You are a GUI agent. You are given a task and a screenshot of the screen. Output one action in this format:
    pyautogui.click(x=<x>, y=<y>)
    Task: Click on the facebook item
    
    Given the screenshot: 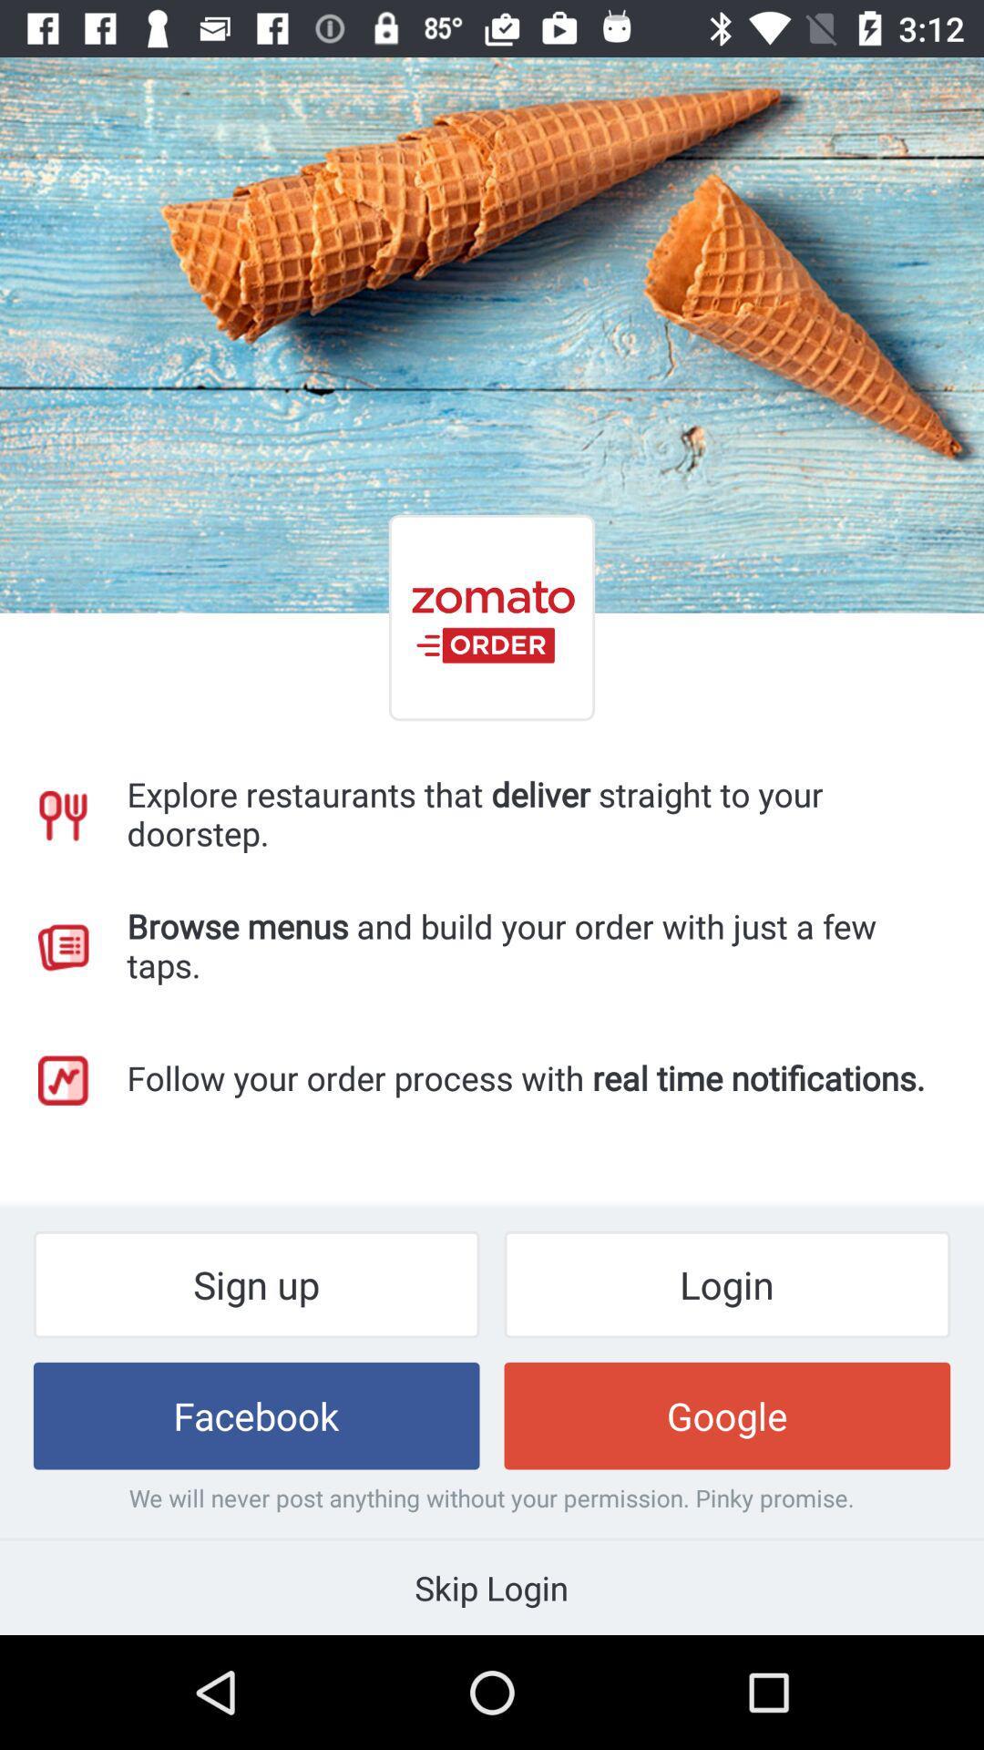 What is the action you would take?
    pyautogui.click(x=256, y=1415)
    